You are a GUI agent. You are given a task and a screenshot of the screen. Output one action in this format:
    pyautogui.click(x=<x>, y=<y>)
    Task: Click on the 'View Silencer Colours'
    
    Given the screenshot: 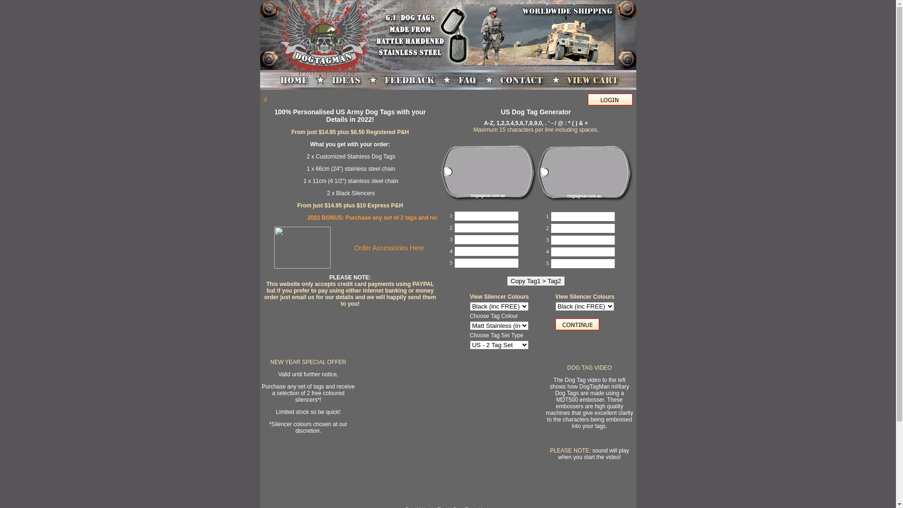 What is the action you would take?
    pyautogui.click(x=499, y=297)
    